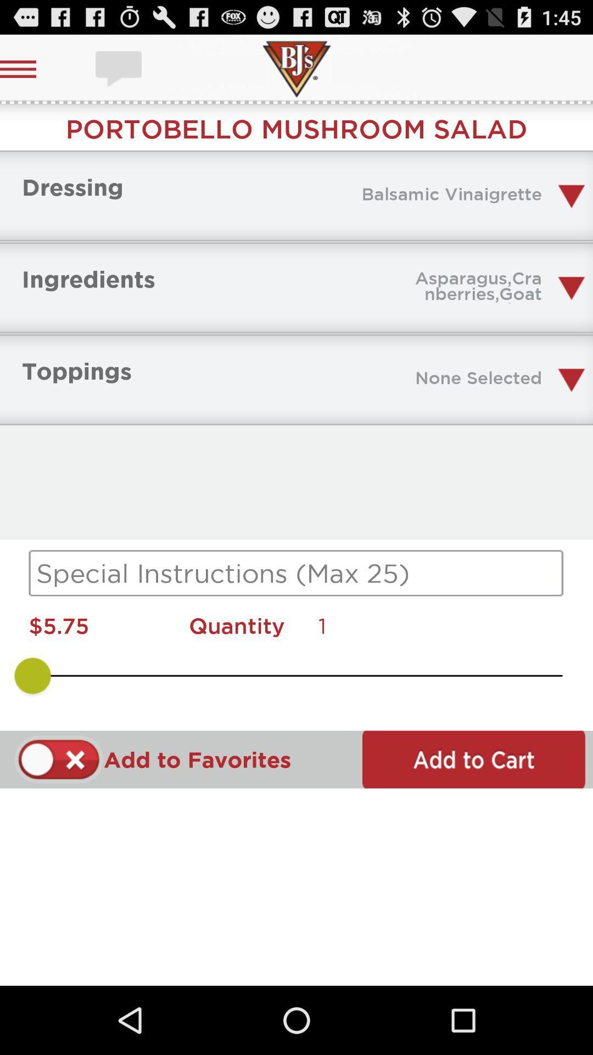  What do you see at coordinates (120, 68) in the screenshot?
I see `send message` at bounding box center [120, 68].